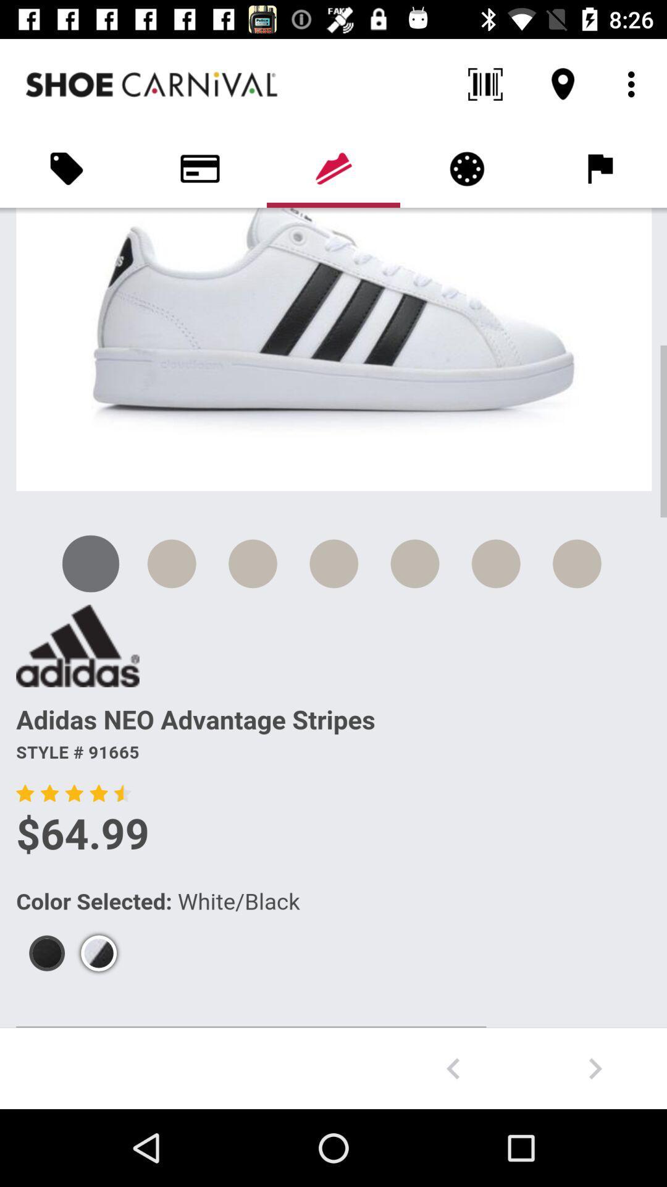  I want to click on previous product, so click(453, 1068).